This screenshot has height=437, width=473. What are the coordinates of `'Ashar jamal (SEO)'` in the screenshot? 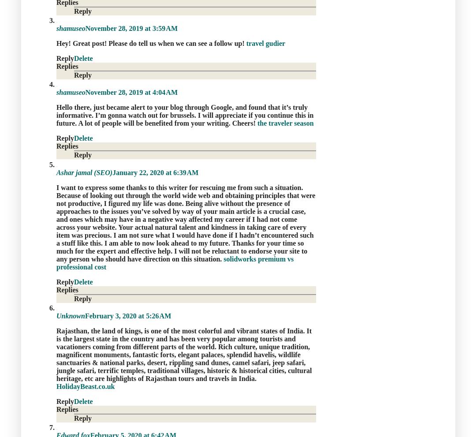 It's located at (84, 172).